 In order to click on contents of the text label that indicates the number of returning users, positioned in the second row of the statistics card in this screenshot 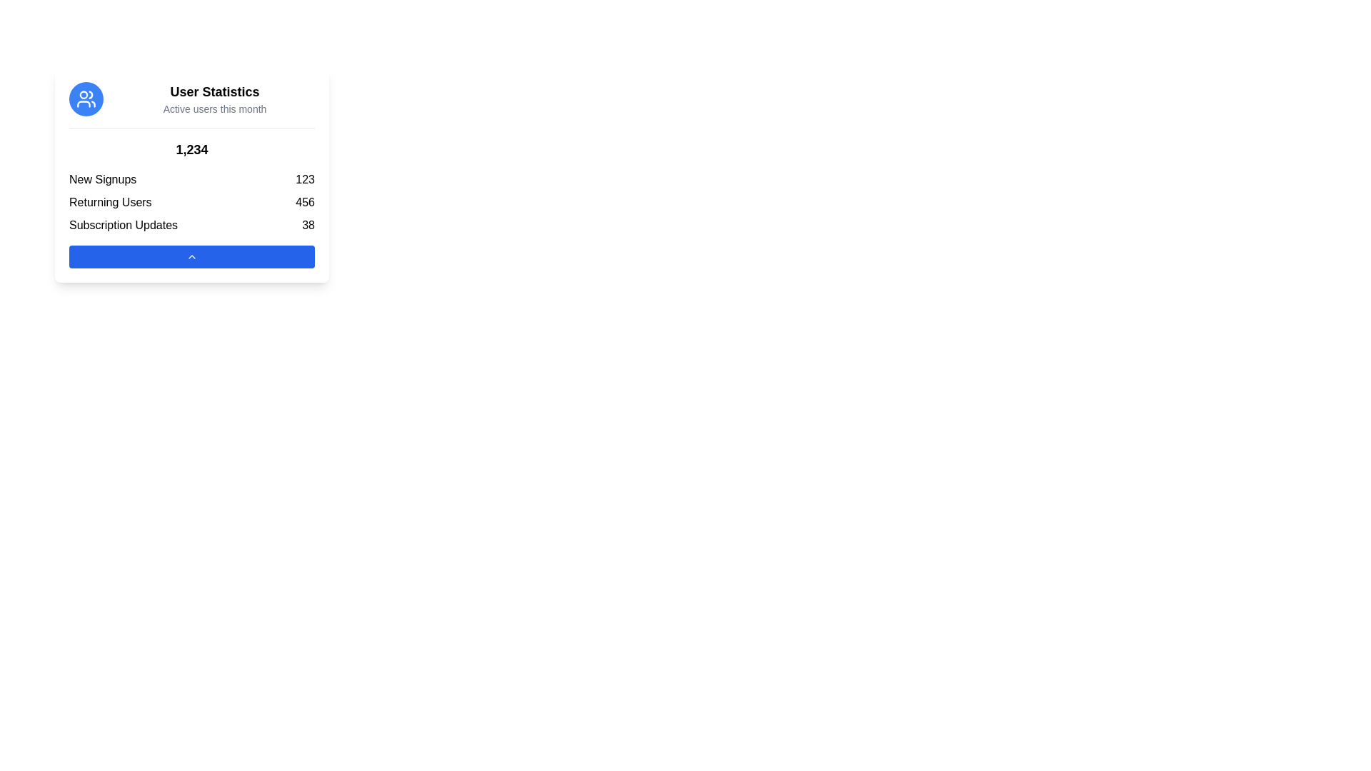, I will do `click(109, 203)`.